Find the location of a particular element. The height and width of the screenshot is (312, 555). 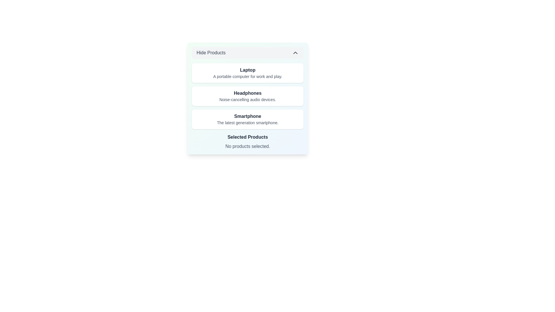

the Text Label that contains the text 'A portable computer for work and play.' which is rendered in a small, gray font and is located beneath the 'Laptop' text is located at coordinates (248, 76).